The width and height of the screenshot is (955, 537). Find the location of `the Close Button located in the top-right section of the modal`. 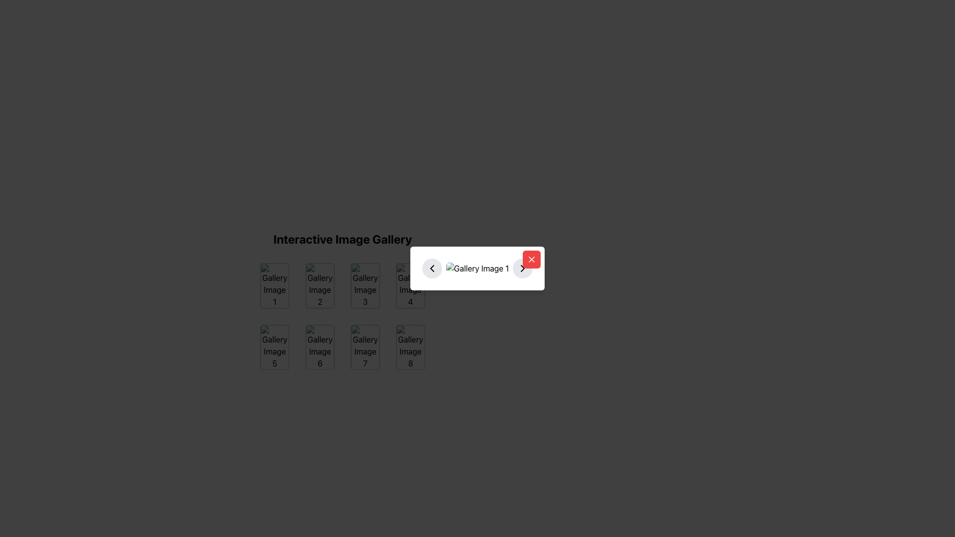

the Close Button located in the top-right section of the modal is located at coordinates (531, 259).